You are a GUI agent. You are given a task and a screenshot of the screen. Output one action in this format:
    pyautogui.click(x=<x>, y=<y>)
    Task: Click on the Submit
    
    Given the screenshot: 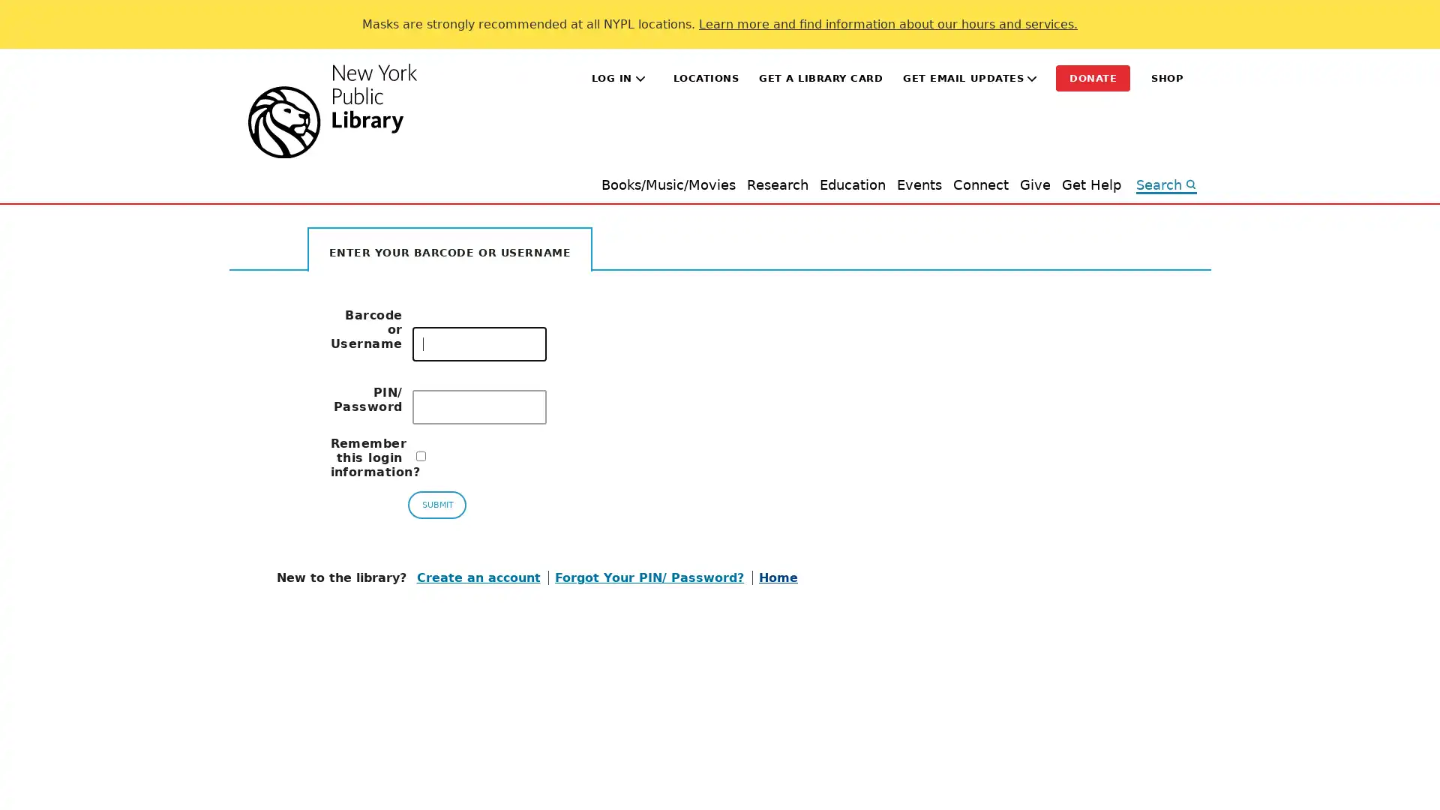 What is the action you would take?
    pyautogui.click(x=435, y=504)
    